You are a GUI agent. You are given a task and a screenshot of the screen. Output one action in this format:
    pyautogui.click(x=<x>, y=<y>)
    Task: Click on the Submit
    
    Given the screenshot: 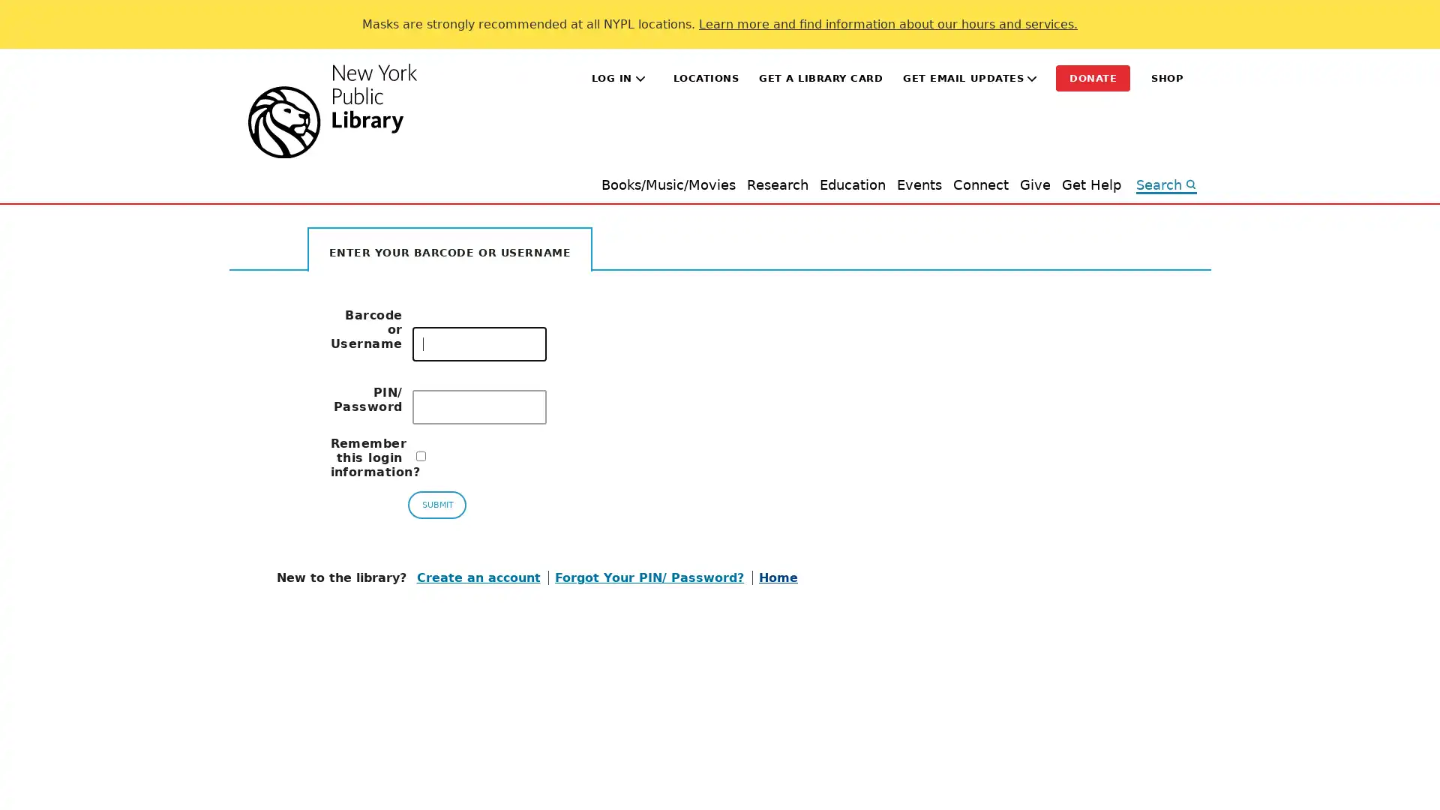 What is the action you would take?
    pyautogui.click(x=435, y=504)
    